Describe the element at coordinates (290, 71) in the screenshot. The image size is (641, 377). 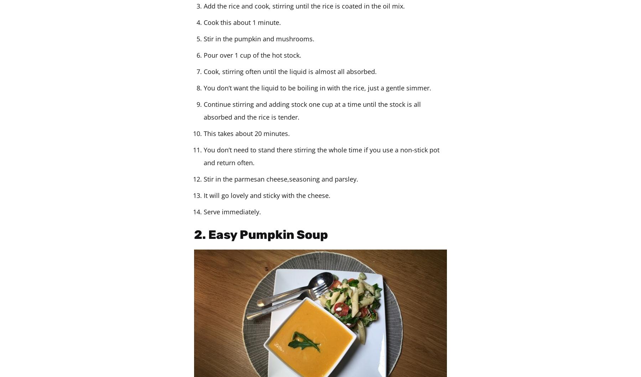
I see `'Cook, stirring often until the liquid is almost all absorbed.'` at that location.